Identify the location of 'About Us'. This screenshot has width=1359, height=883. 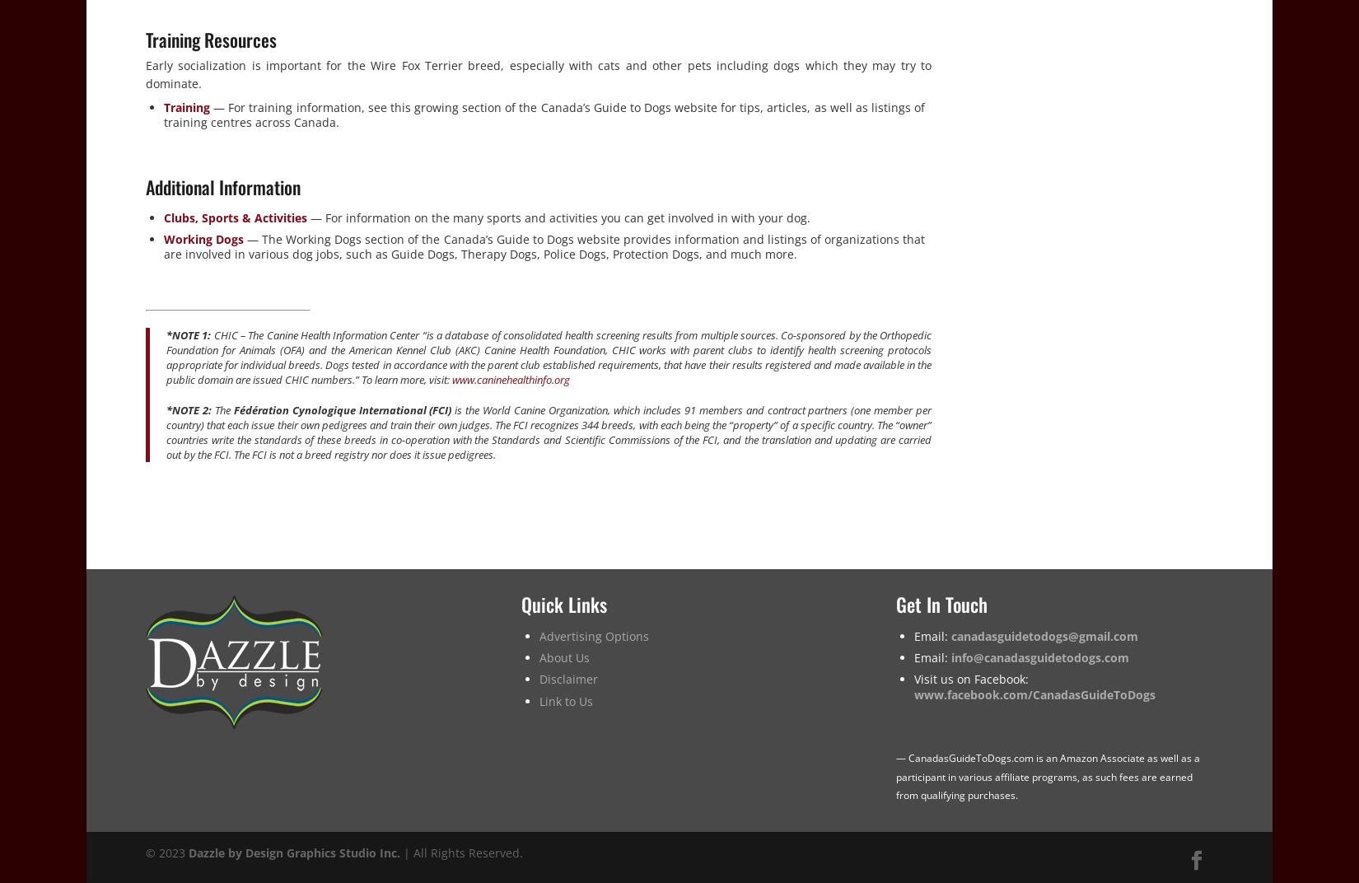
(563, 657).